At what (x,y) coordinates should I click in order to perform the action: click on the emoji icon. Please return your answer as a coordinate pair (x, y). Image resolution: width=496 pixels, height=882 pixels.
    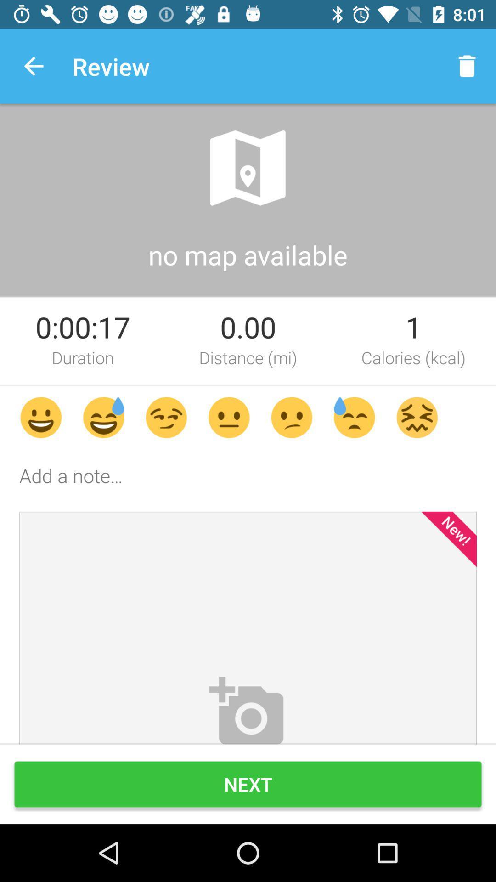
    Looking at the image, I should click on (354, 417).